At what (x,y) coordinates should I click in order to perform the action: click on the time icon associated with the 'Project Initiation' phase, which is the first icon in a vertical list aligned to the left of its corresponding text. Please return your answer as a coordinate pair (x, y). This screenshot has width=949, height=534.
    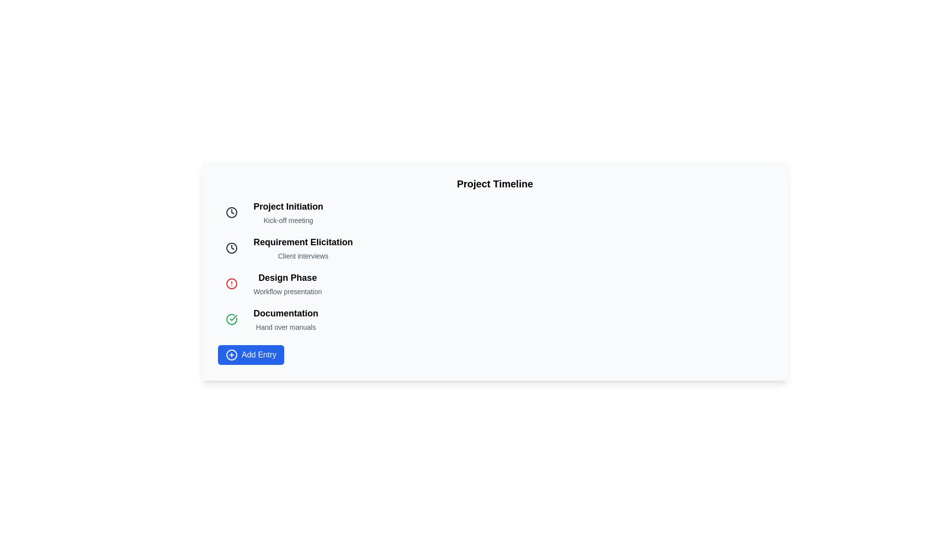
    Looking at the image, I should click on (231, 247).